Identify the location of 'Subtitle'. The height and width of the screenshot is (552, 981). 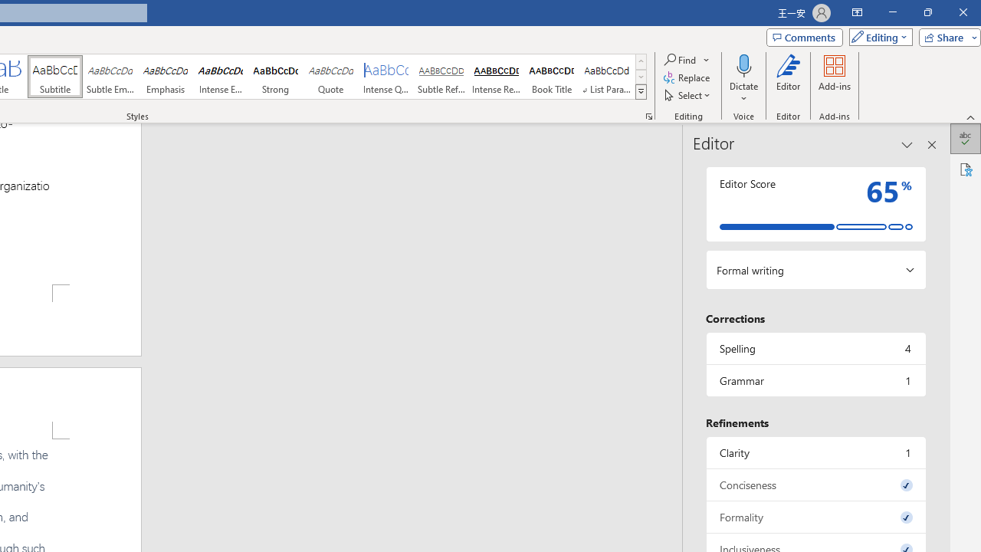
(54, 77).